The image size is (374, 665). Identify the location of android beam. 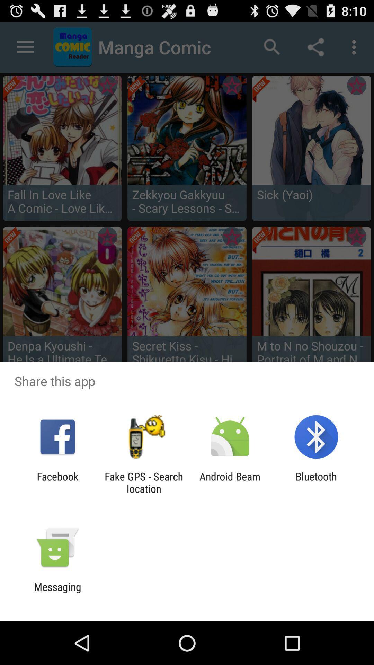
(230, 482).